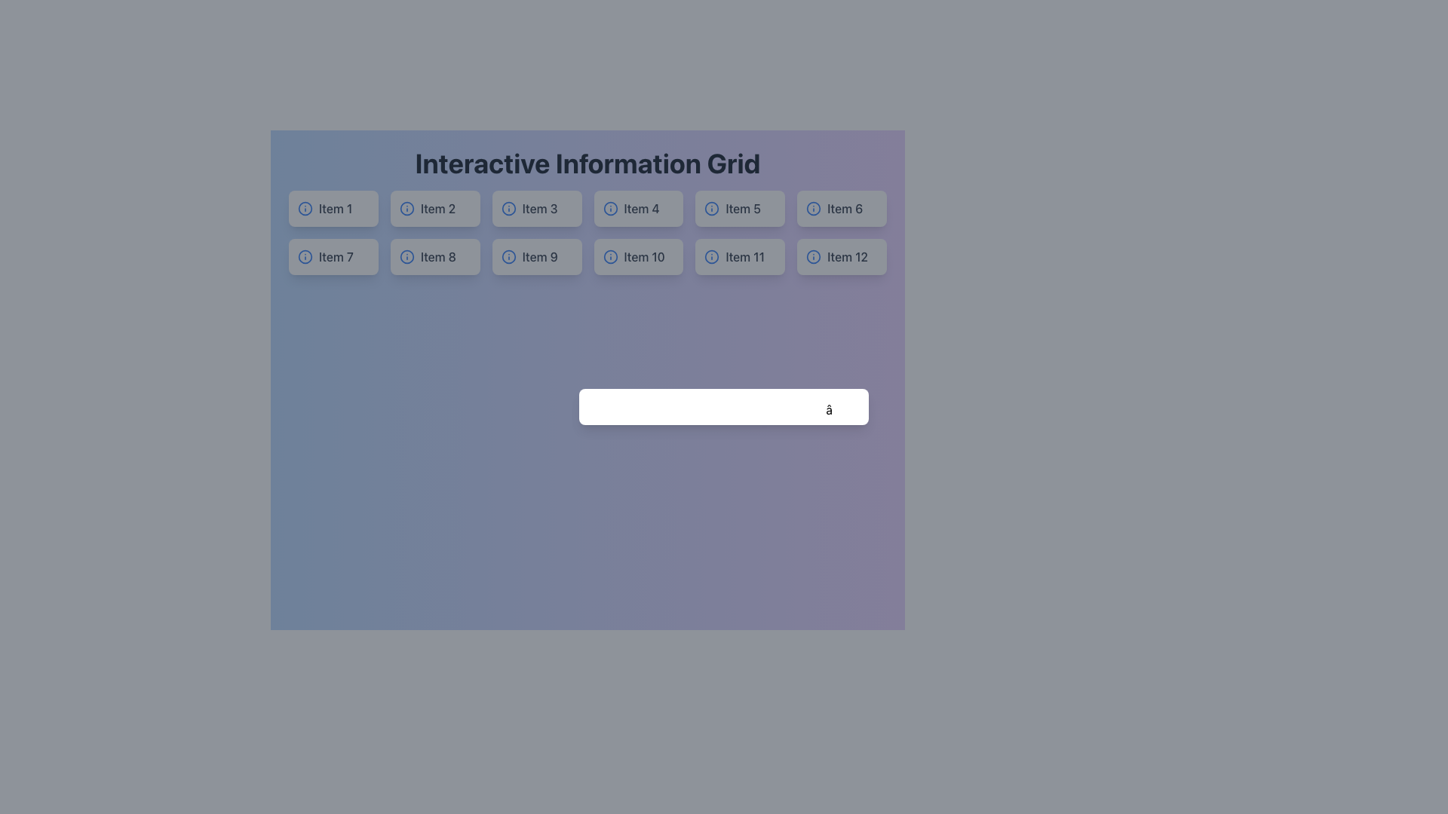 The image size is (1448, 814). Describe the element at coordinates (335, 209) in the screenshot. I see `the text label 'Item 1' located in the top-left corner of the first card in the 'Interactive Information Grid'` at that location.